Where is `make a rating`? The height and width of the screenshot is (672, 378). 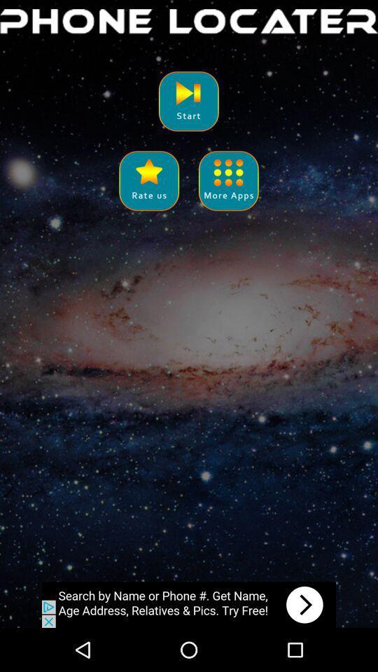
make a rating is located at coordinates (148, 180).